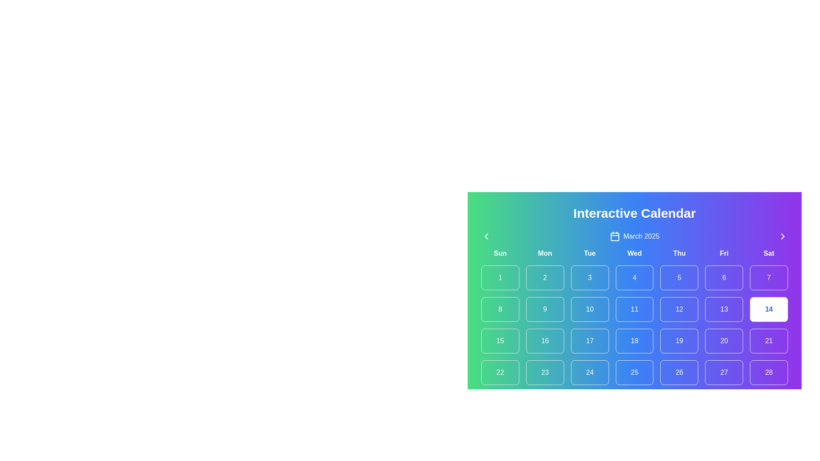 The image size is (820, 461). Describe the element at coordinates (769, 278) in the screenshot. I see `the calendar date button representing the 7th day of the month, which is the first Saturday in the calendar grid` at that location.